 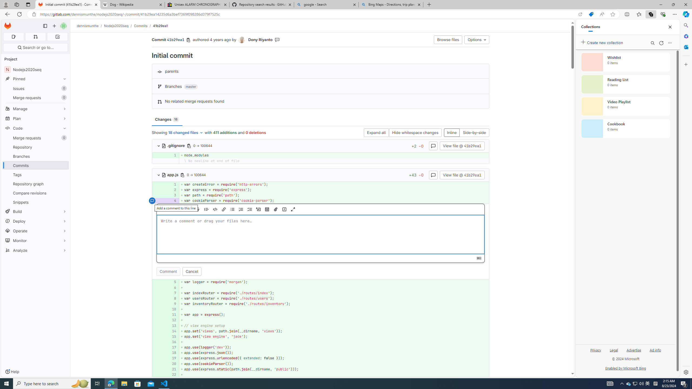 What do you see at coordinates (132, 4) in the screenshot?
I see `'Dog - Wikipedia'` at bounding box center [132, 4].